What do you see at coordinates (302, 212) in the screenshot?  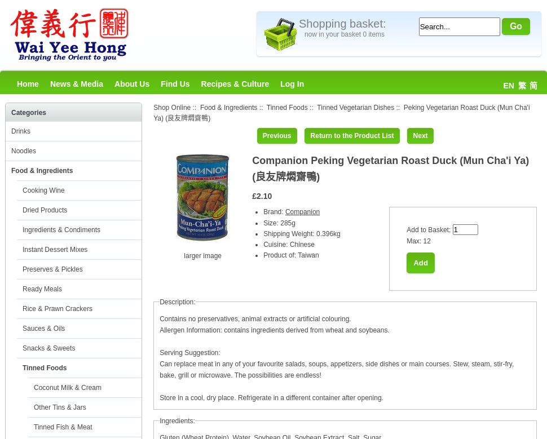 I see `'Companion'` at bounding box center [302, 212].